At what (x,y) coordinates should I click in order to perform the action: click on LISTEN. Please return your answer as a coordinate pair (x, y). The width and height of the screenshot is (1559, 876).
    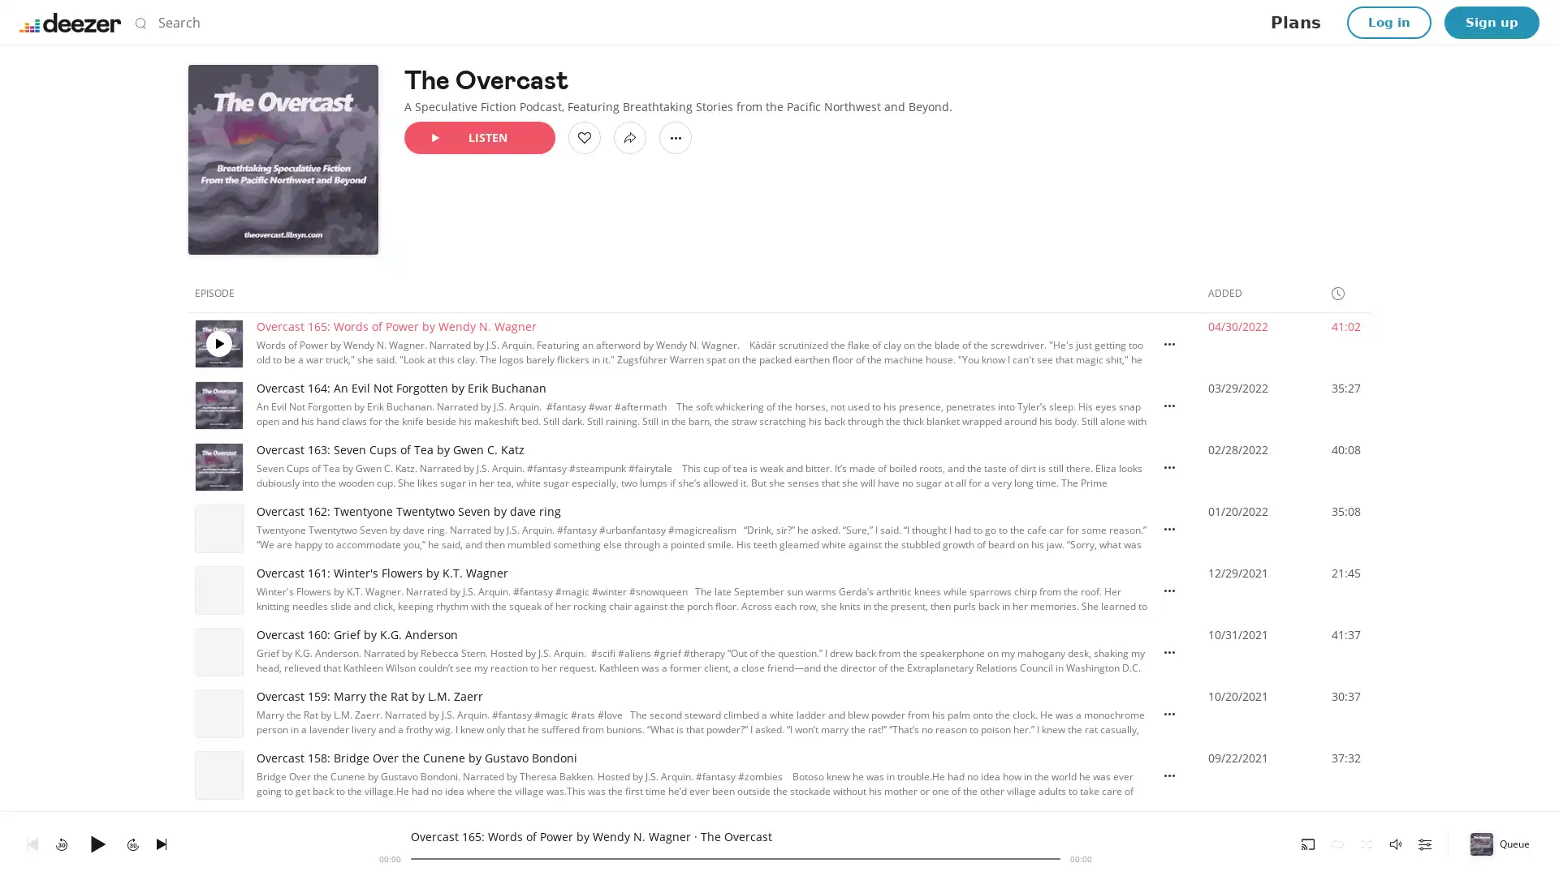
    Looking at the image, I should click on (478, 136).